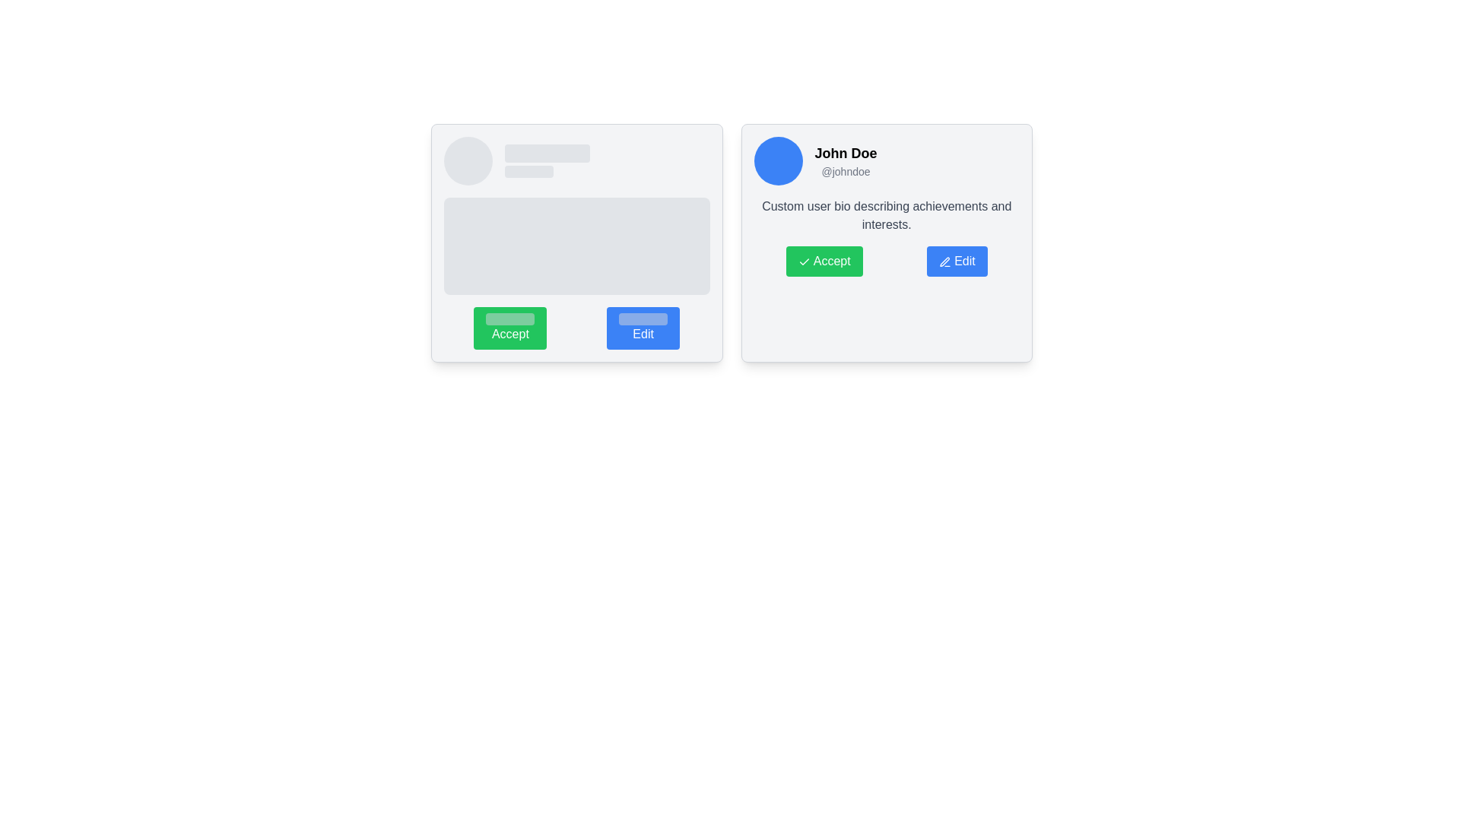 This screenshot has height=821, width=1460. I want to click on the username text label displayed beneath 'John Doe' in the profile card on the right-hand side of the interface, so click(845, 171).